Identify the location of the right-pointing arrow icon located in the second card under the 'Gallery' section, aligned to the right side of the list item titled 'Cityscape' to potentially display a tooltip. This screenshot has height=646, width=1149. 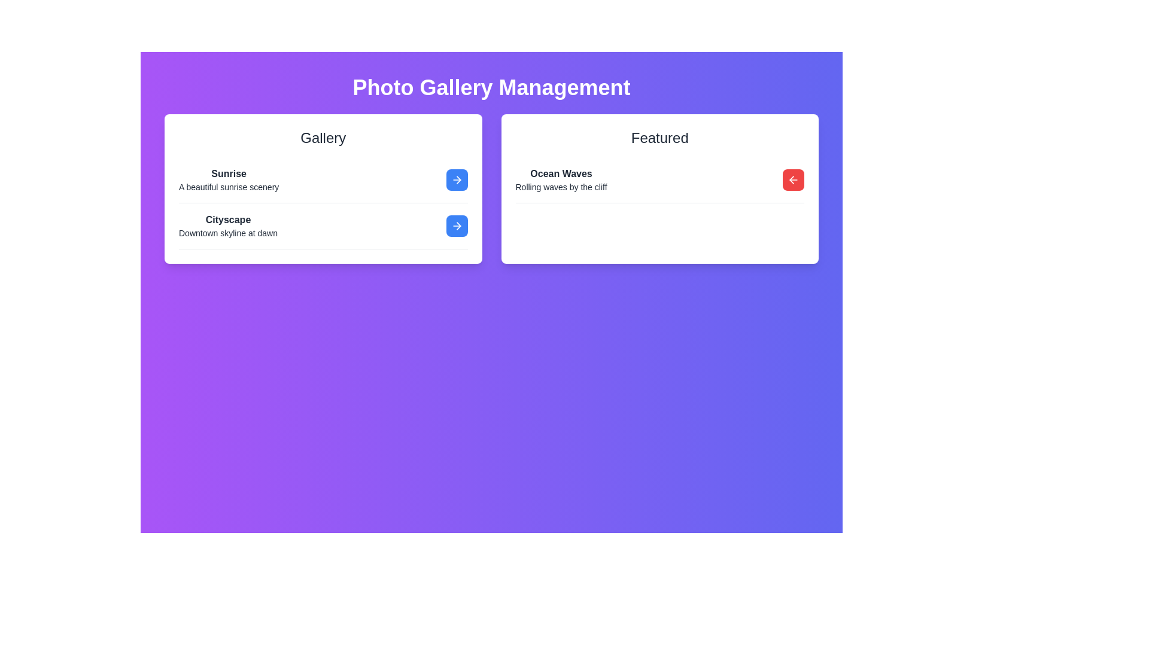
(458, 226).